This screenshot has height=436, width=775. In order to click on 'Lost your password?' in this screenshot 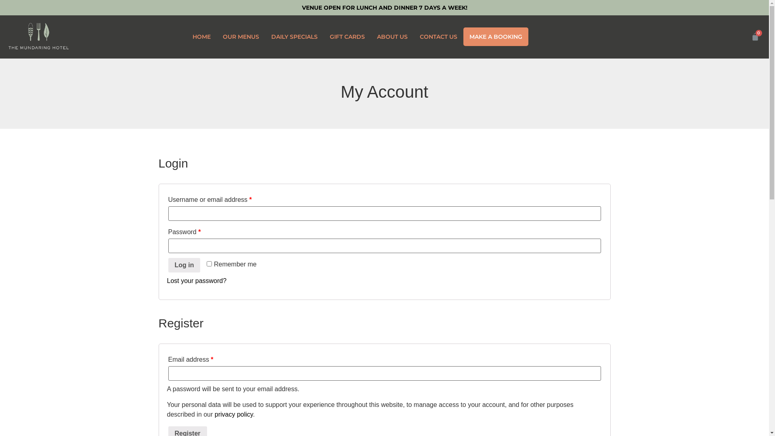, I will do `click(197, 280)`.